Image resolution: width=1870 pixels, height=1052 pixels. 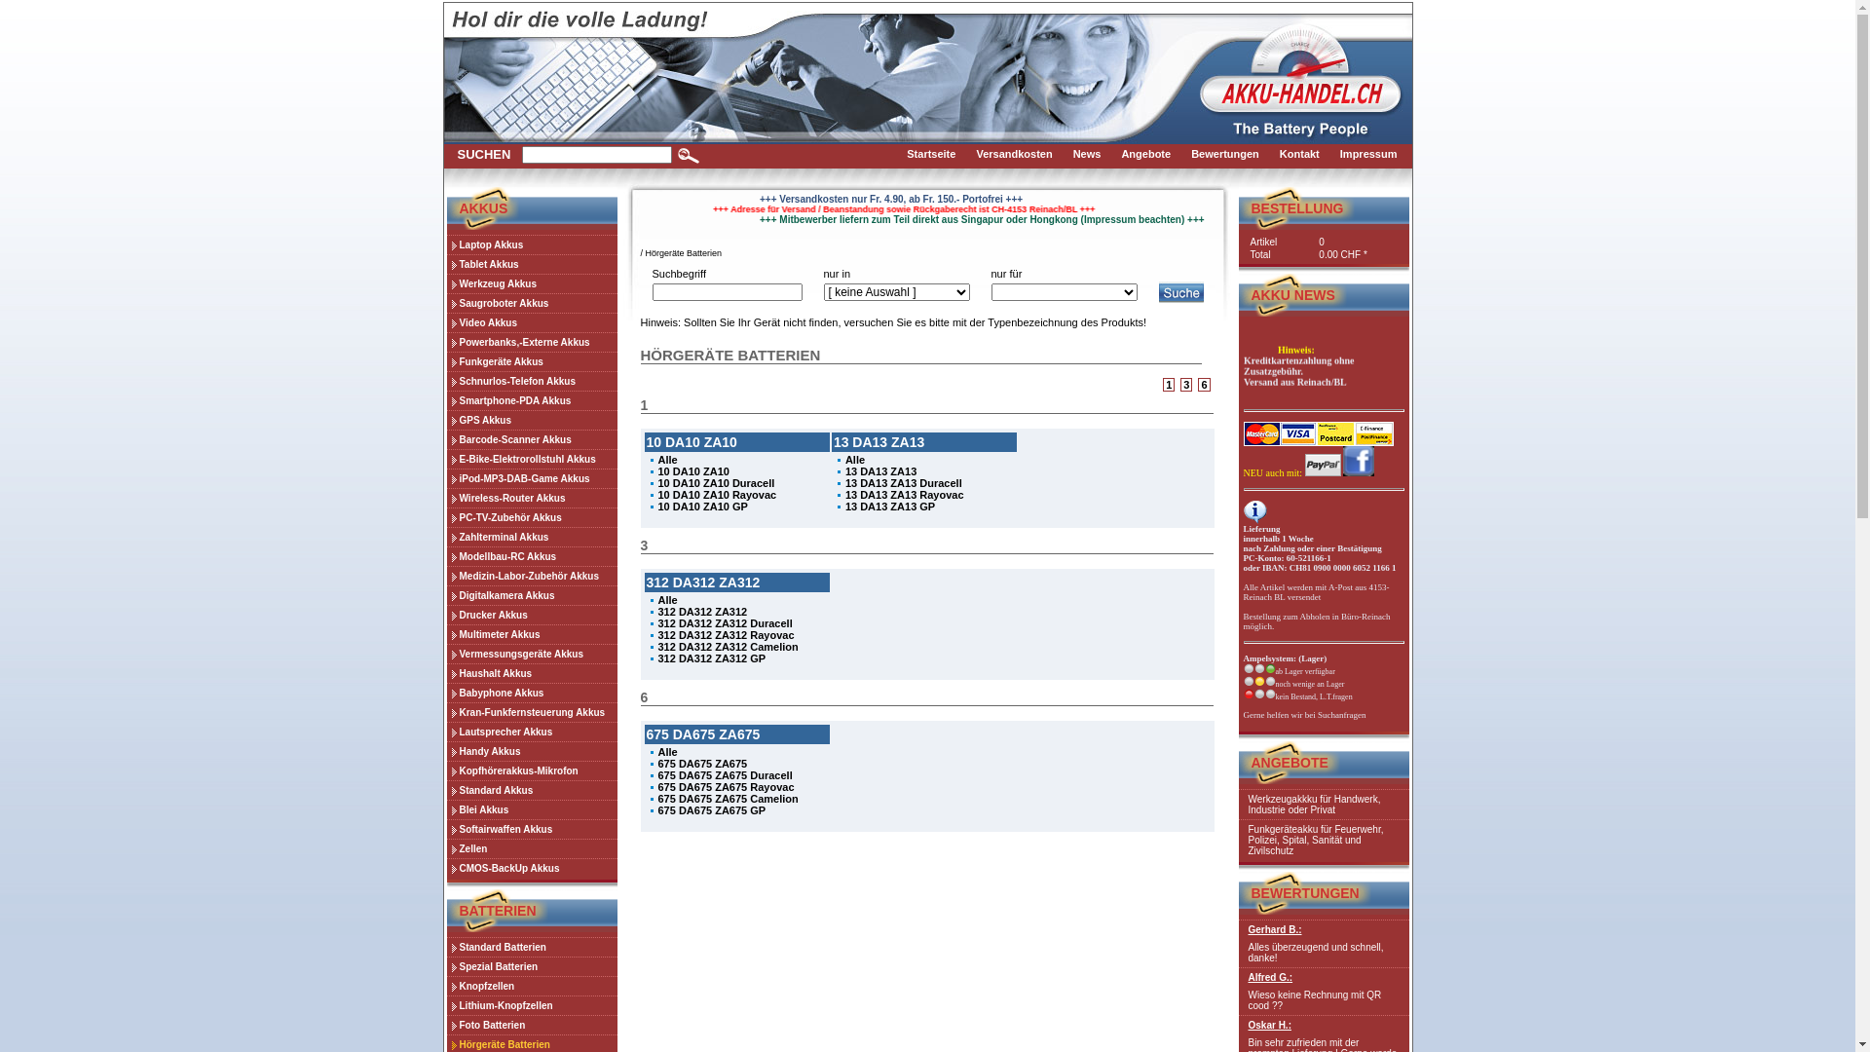 I want to click on 'Startseite', so click(x=936, y=154).